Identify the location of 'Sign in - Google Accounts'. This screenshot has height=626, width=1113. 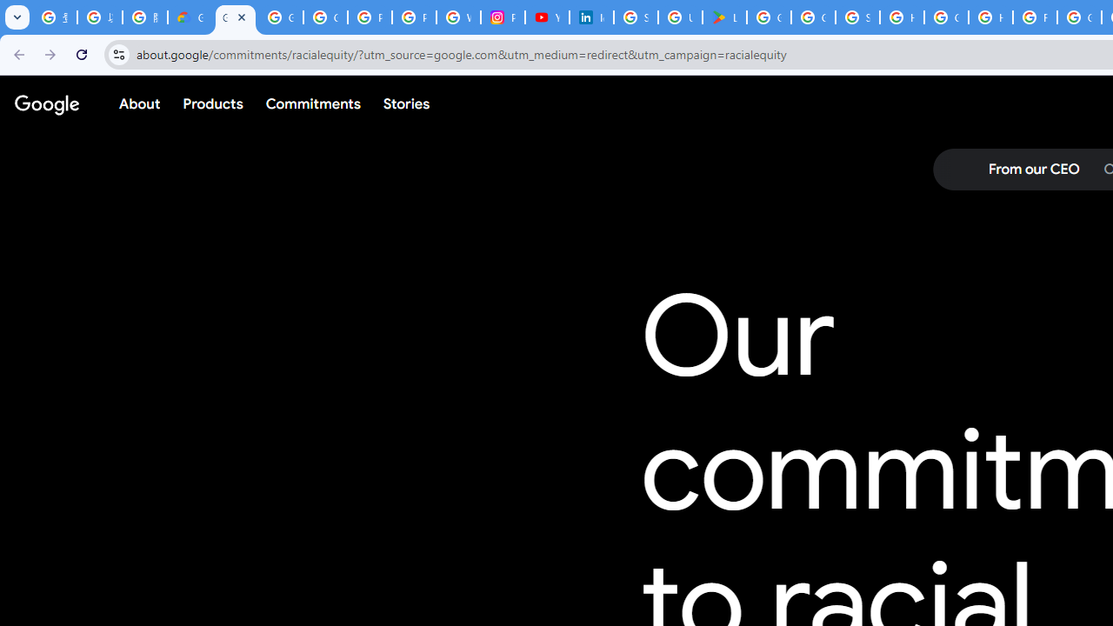
(635, 17).